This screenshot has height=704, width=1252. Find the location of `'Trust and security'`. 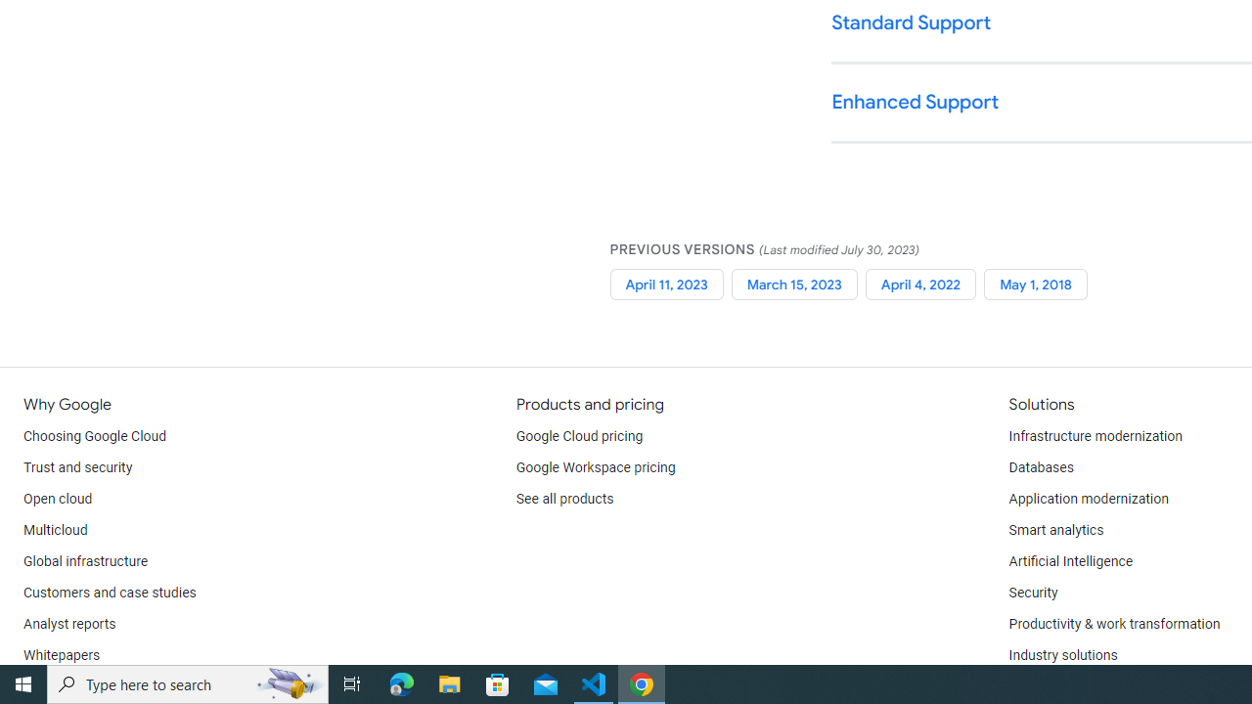

'Trust and security' is located at coordinates (78, 468).